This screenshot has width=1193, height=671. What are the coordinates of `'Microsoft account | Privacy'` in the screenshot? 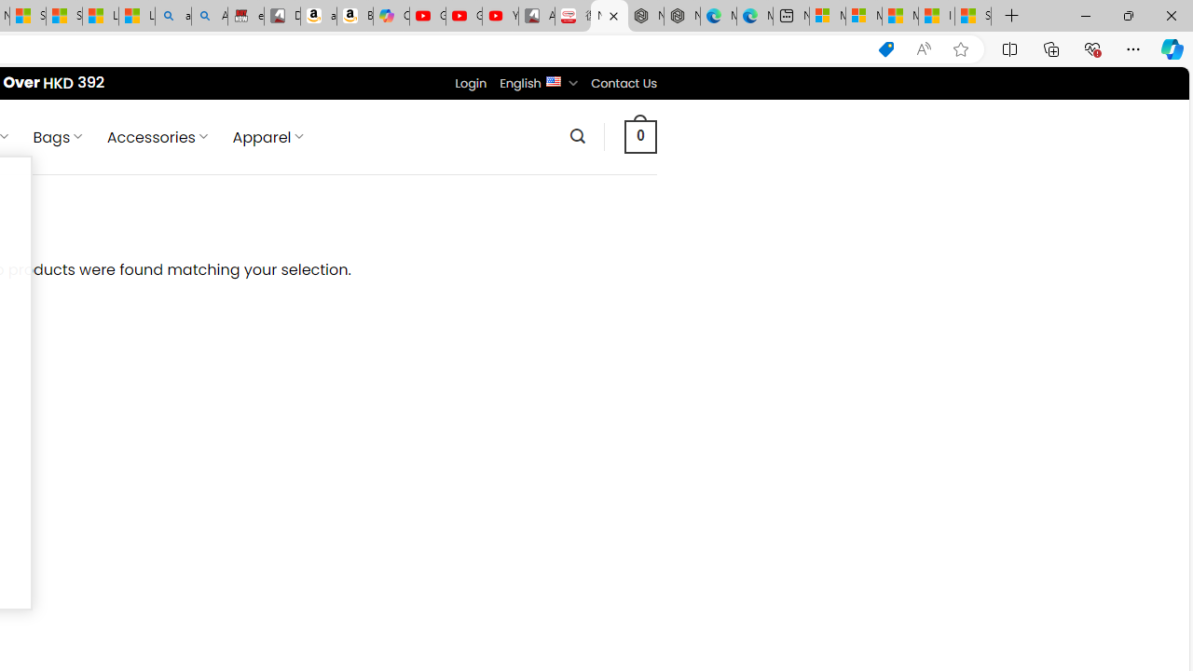 It's located at (862, 16).